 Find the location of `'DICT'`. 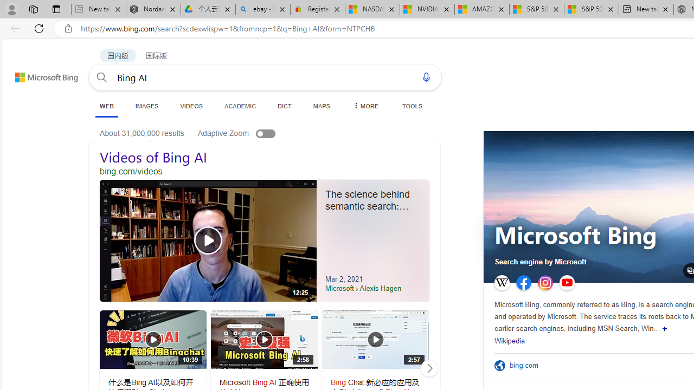

'DICT' is located at coordinates (285, 106).